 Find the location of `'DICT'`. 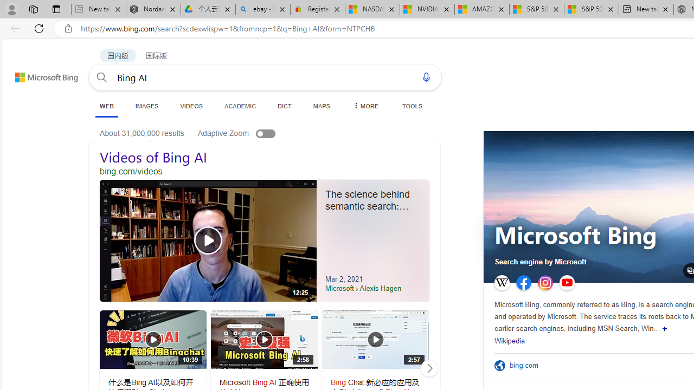

'DICT' is located at coordinates (285, 106).